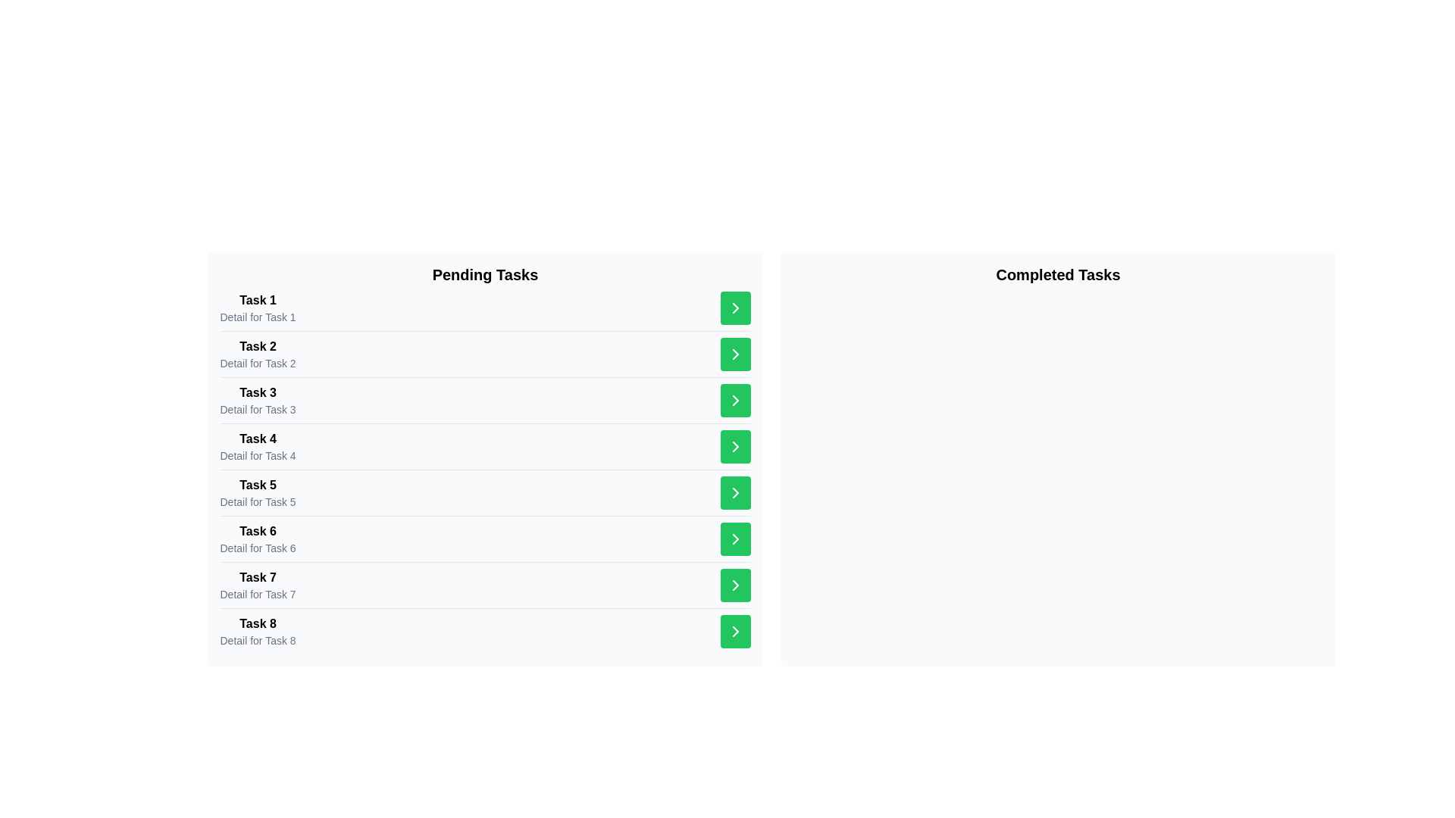 The image size is (1455, 818). I want to click on the button located on the right side of the 'Task 3' row under 'Pending Tasks', so click(735, 399).